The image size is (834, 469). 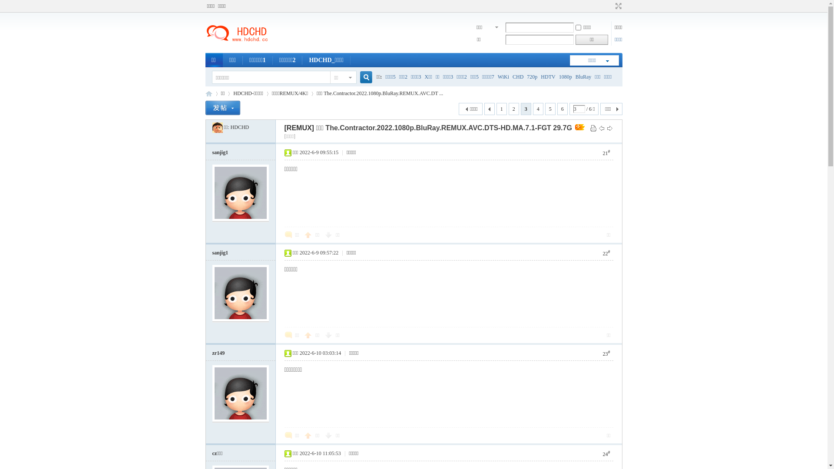 What do you see at coordinates (490, 108) in the screenshot?
I see `'  '` at bounding box center [490, 108].